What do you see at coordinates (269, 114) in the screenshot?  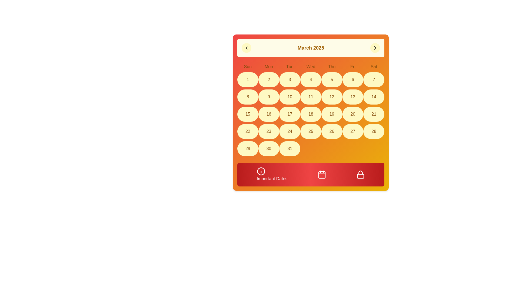 I see `the calendar cell representing the date 16th` at bounding box center [269, 114].